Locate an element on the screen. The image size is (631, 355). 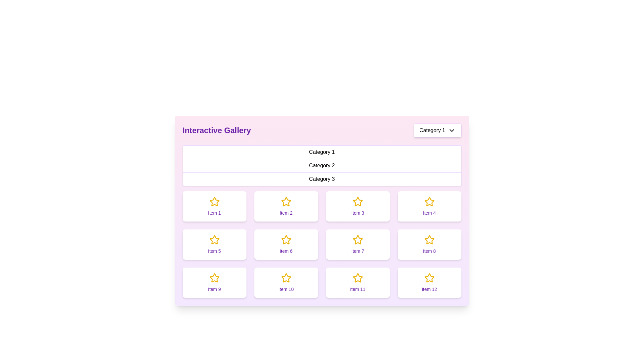
the star-shaped icon with a hollow center, styled with a yellow border and white fill, located in the first column of the second row of the interactive gallery is located at coordinates (214, 240).